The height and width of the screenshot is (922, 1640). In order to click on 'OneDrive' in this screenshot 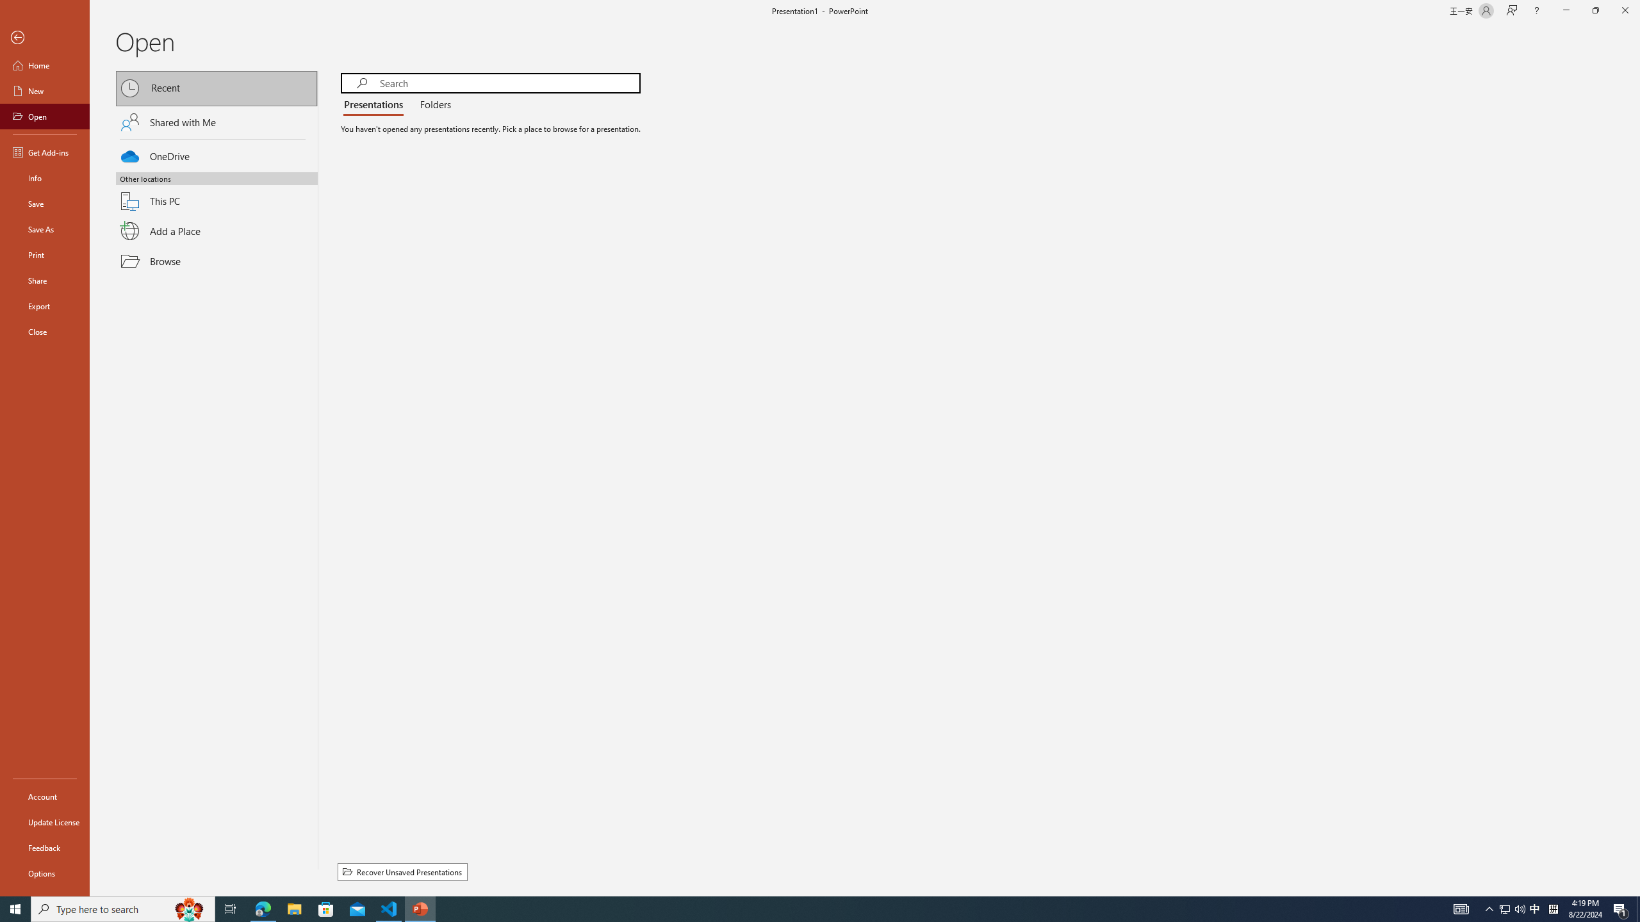, I will do `click(217, 154)`.